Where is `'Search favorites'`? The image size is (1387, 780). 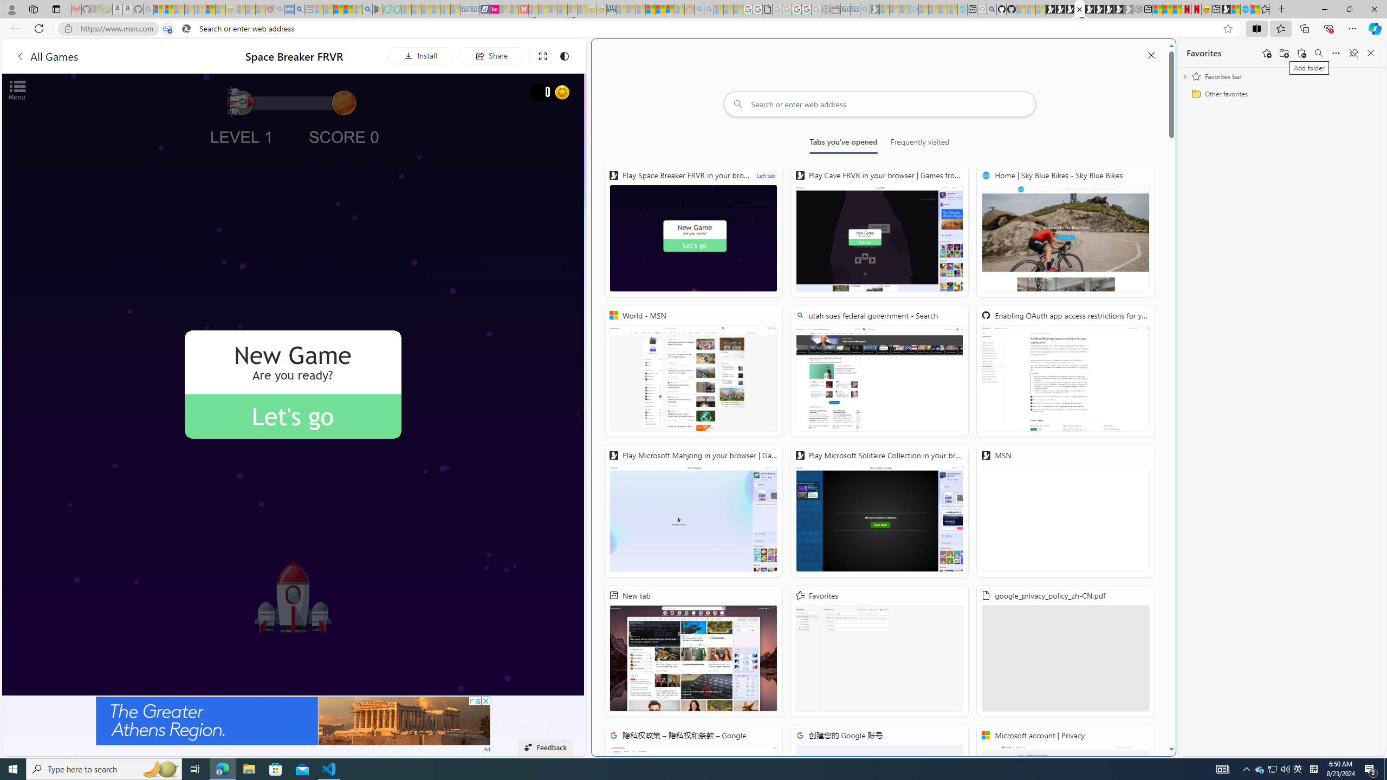
'Search favorites' is located at coordinates (1318, 52).